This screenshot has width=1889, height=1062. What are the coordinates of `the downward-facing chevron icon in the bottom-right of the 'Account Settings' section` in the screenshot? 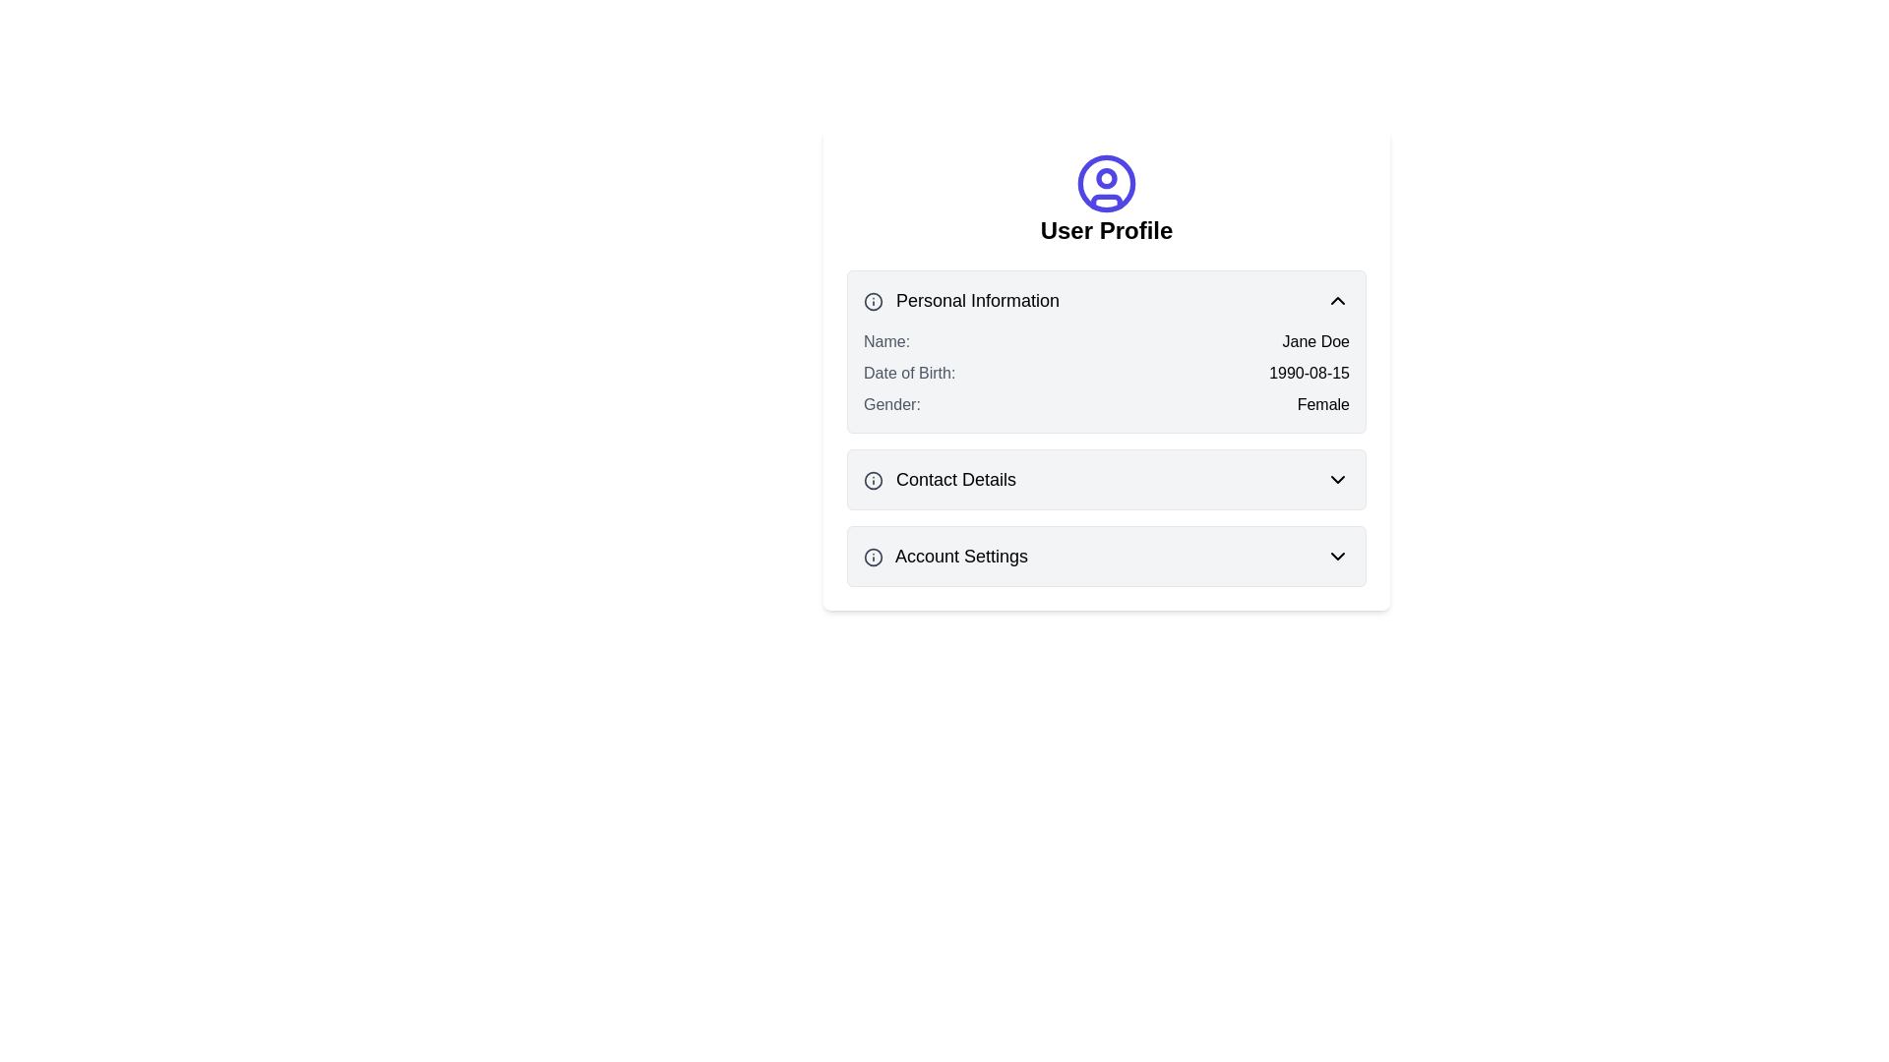 It's located at (1337, 557).